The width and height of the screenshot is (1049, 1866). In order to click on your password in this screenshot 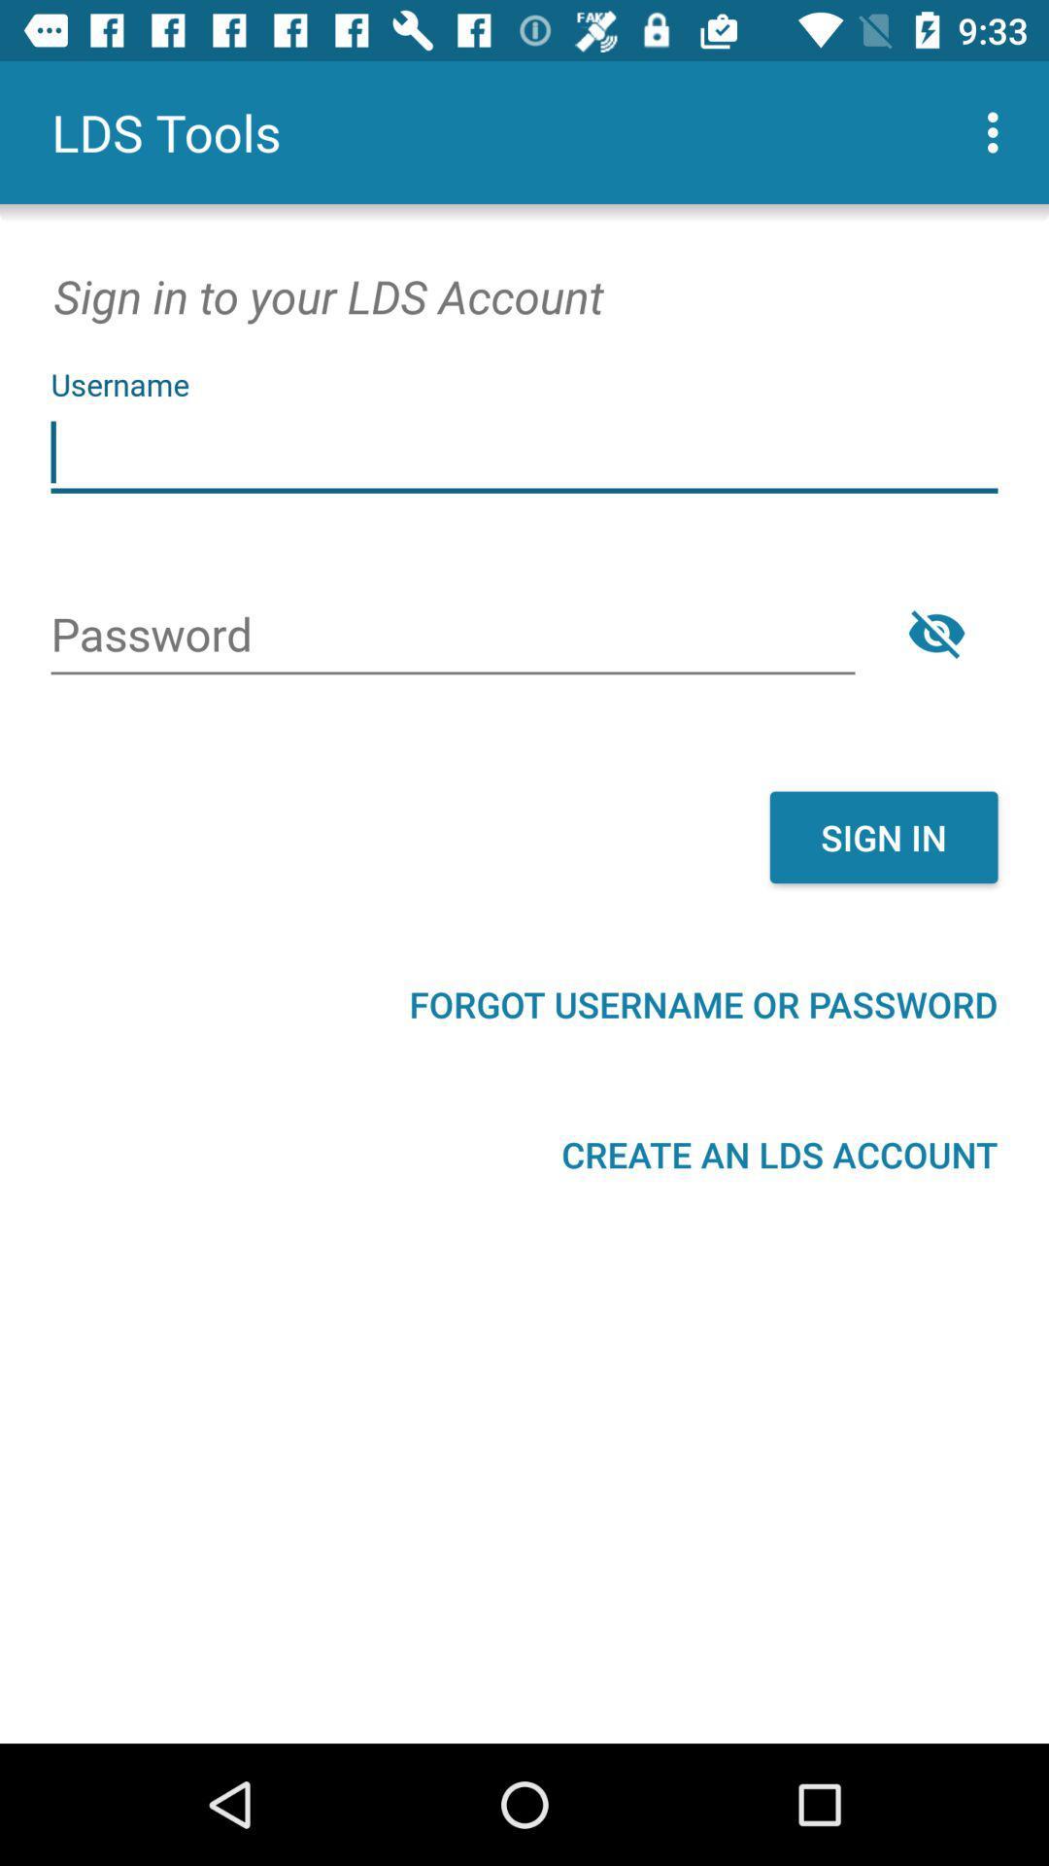, I will do `click(453, 637)`.